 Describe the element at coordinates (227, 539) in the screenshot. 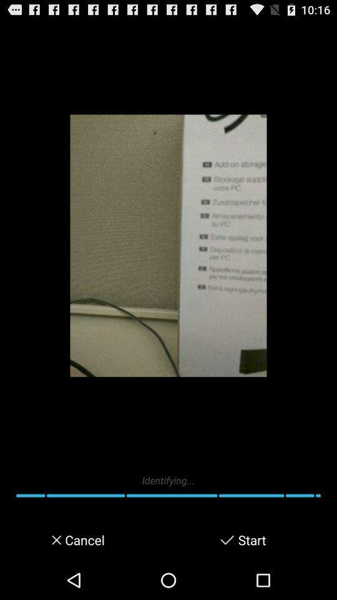

I see `app to the right of cancel` at that location.